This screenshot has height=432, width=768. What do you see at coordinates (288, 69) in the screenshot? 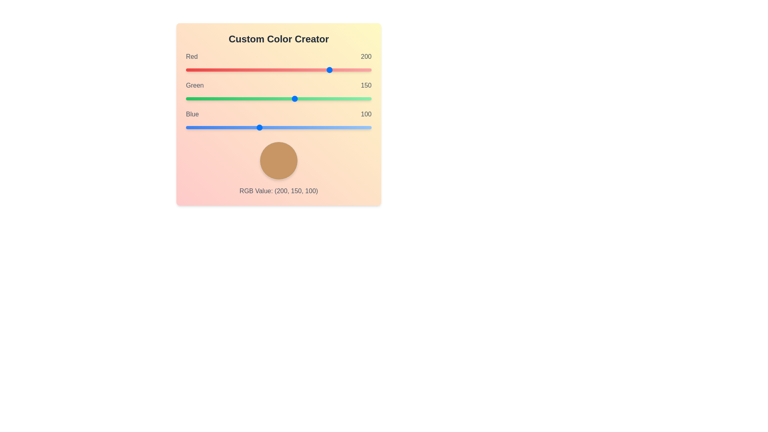
I see `the red slider to set the red value to 141` at bounding box center [288, 69].